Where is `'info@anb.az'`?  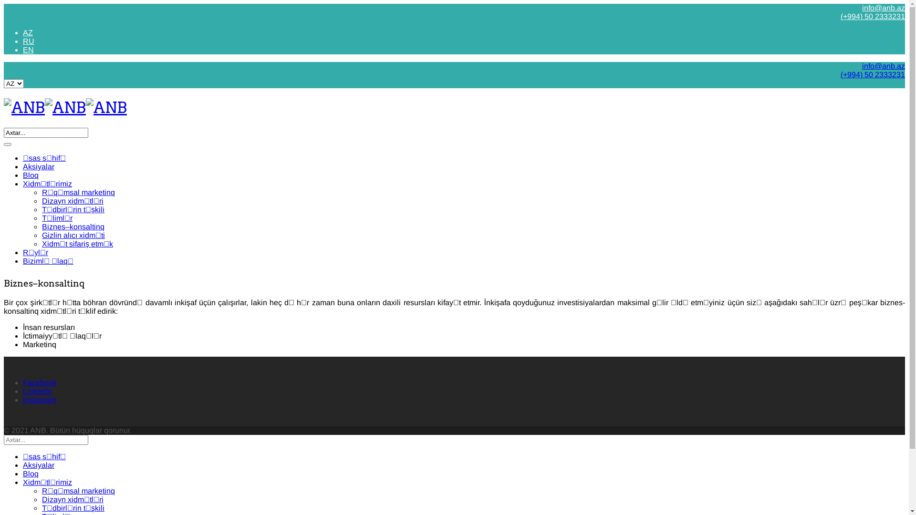 'info@anb.az' is located at coordinates (883, 65).